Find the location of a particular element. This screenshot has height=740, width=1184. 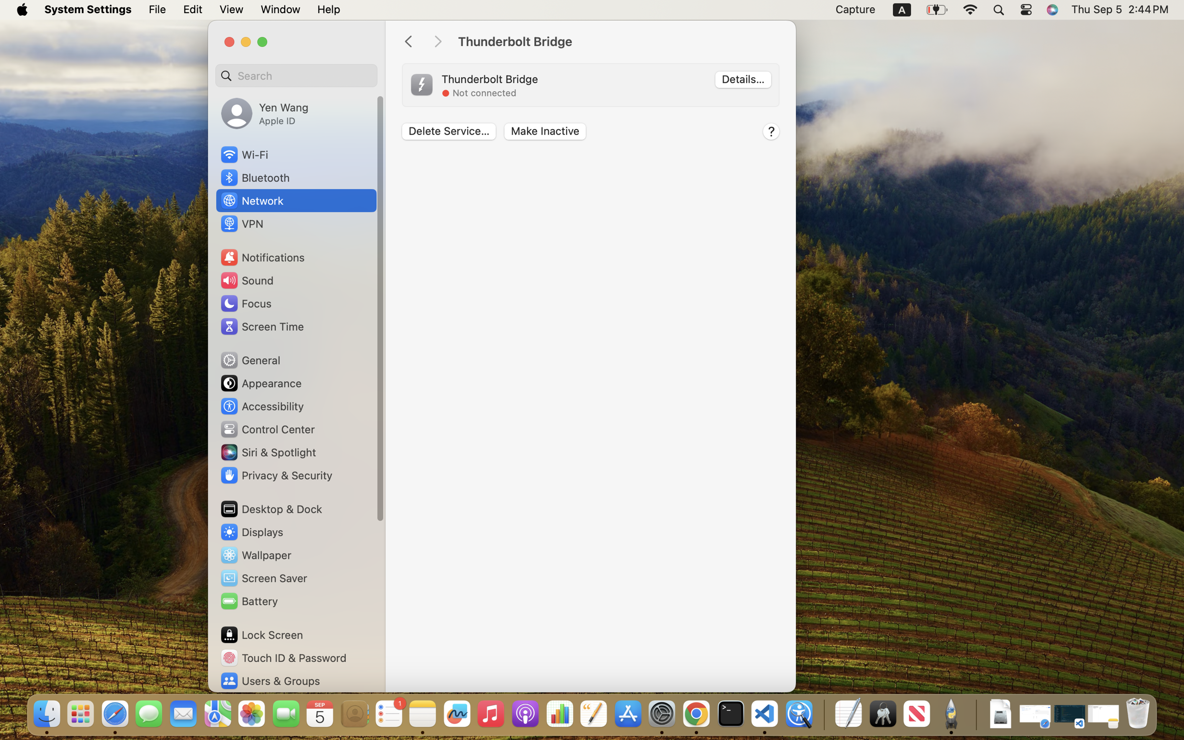

'Network' is located at coordinates (251, 200).